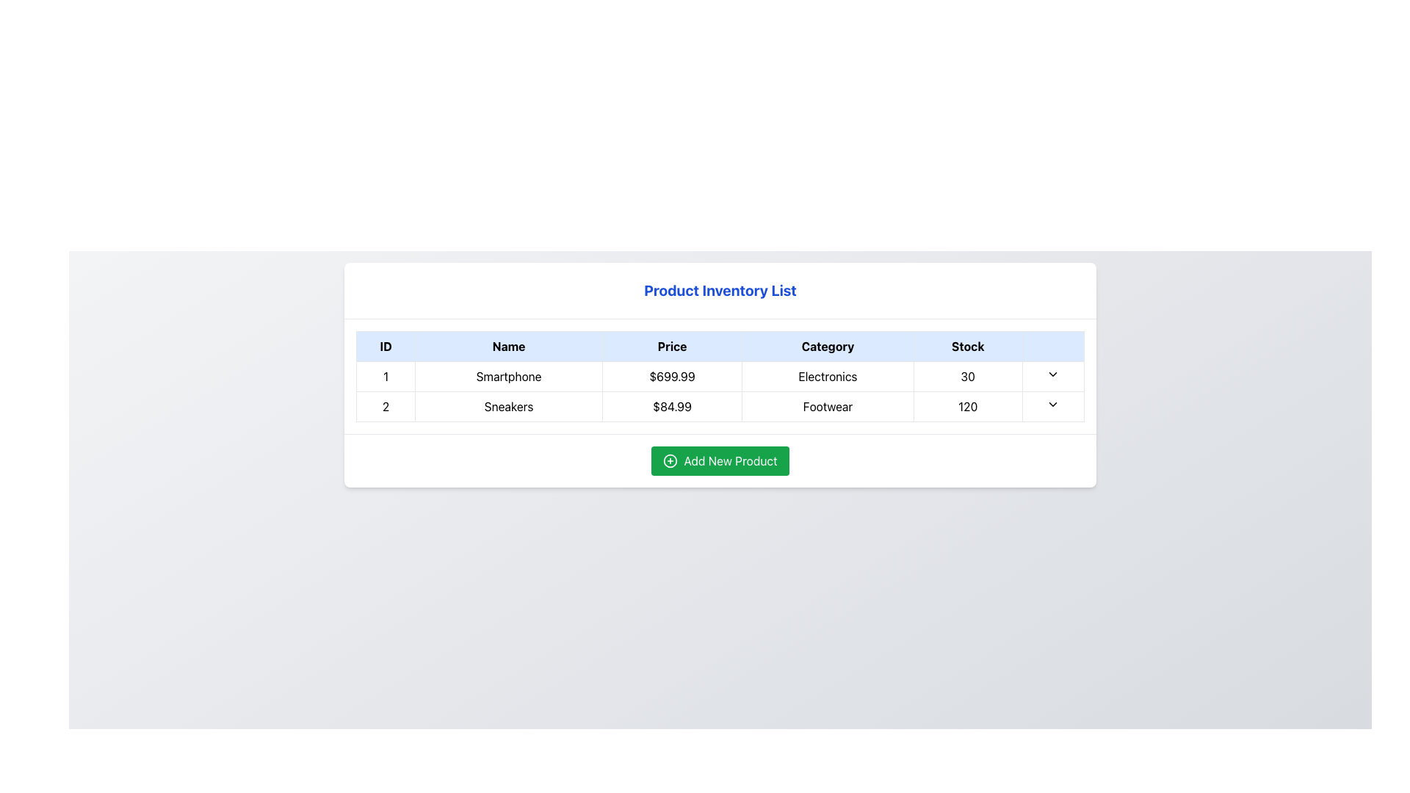  I want to click on the circular SVG element that forms part of the 'plus inside a circle' icon within the green 'Add New Product' button, so click(670, 460).